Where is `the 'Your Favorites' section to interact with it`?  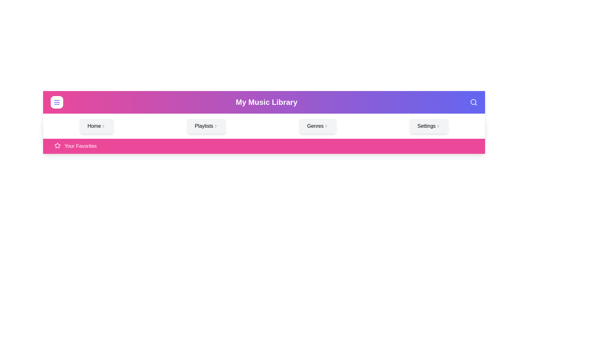
the 'Your Favorites' section to interact with it is located at coordinates (264, 146).